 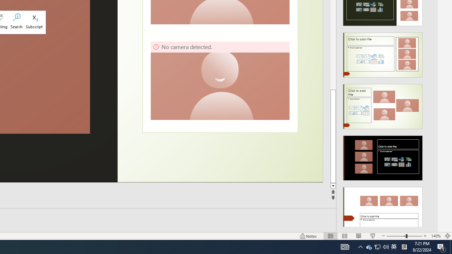 What do you see at coordinates (17, 22) in the screenshot?
I see `'Search'` at bounding box center [17, 22].